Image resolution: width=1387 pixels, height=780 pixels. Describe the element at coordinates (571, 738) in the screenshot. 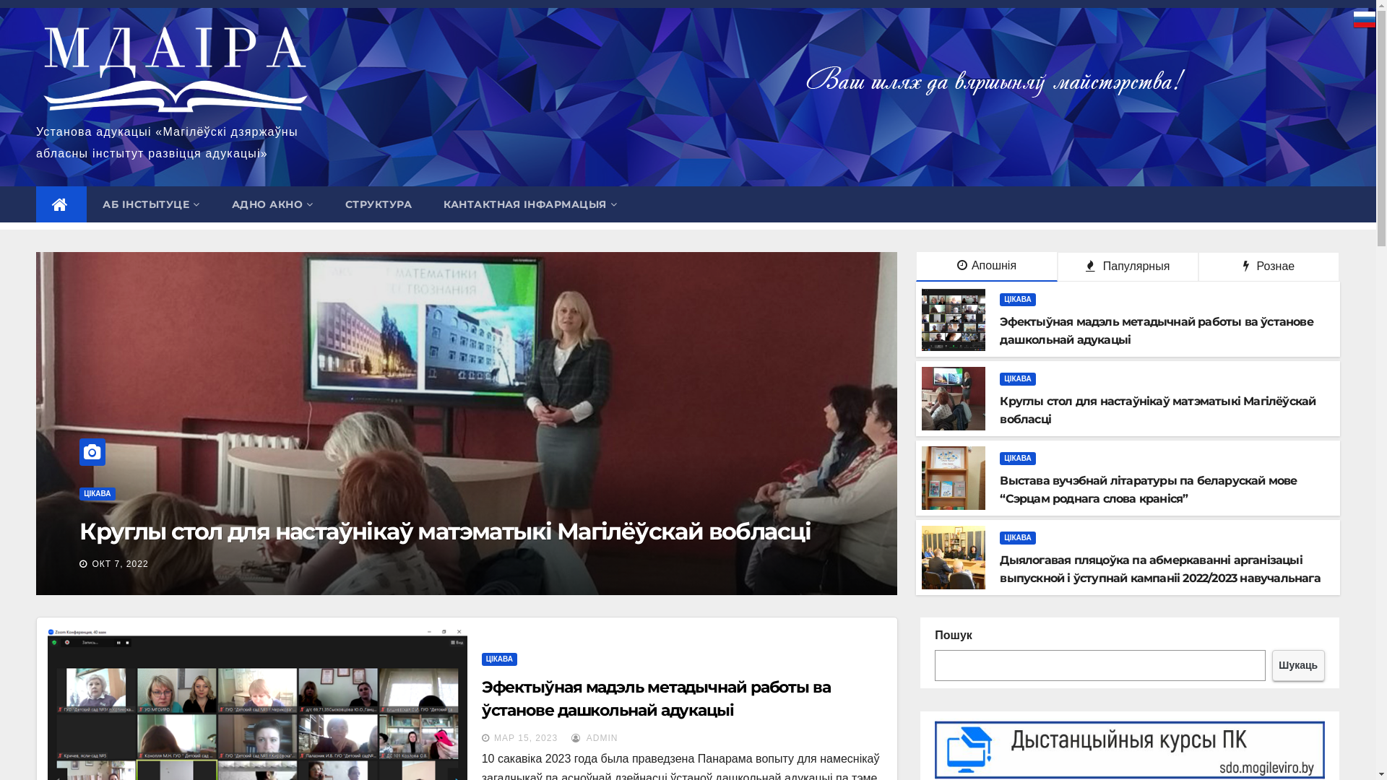

I see `'ADMIN'` at that location.